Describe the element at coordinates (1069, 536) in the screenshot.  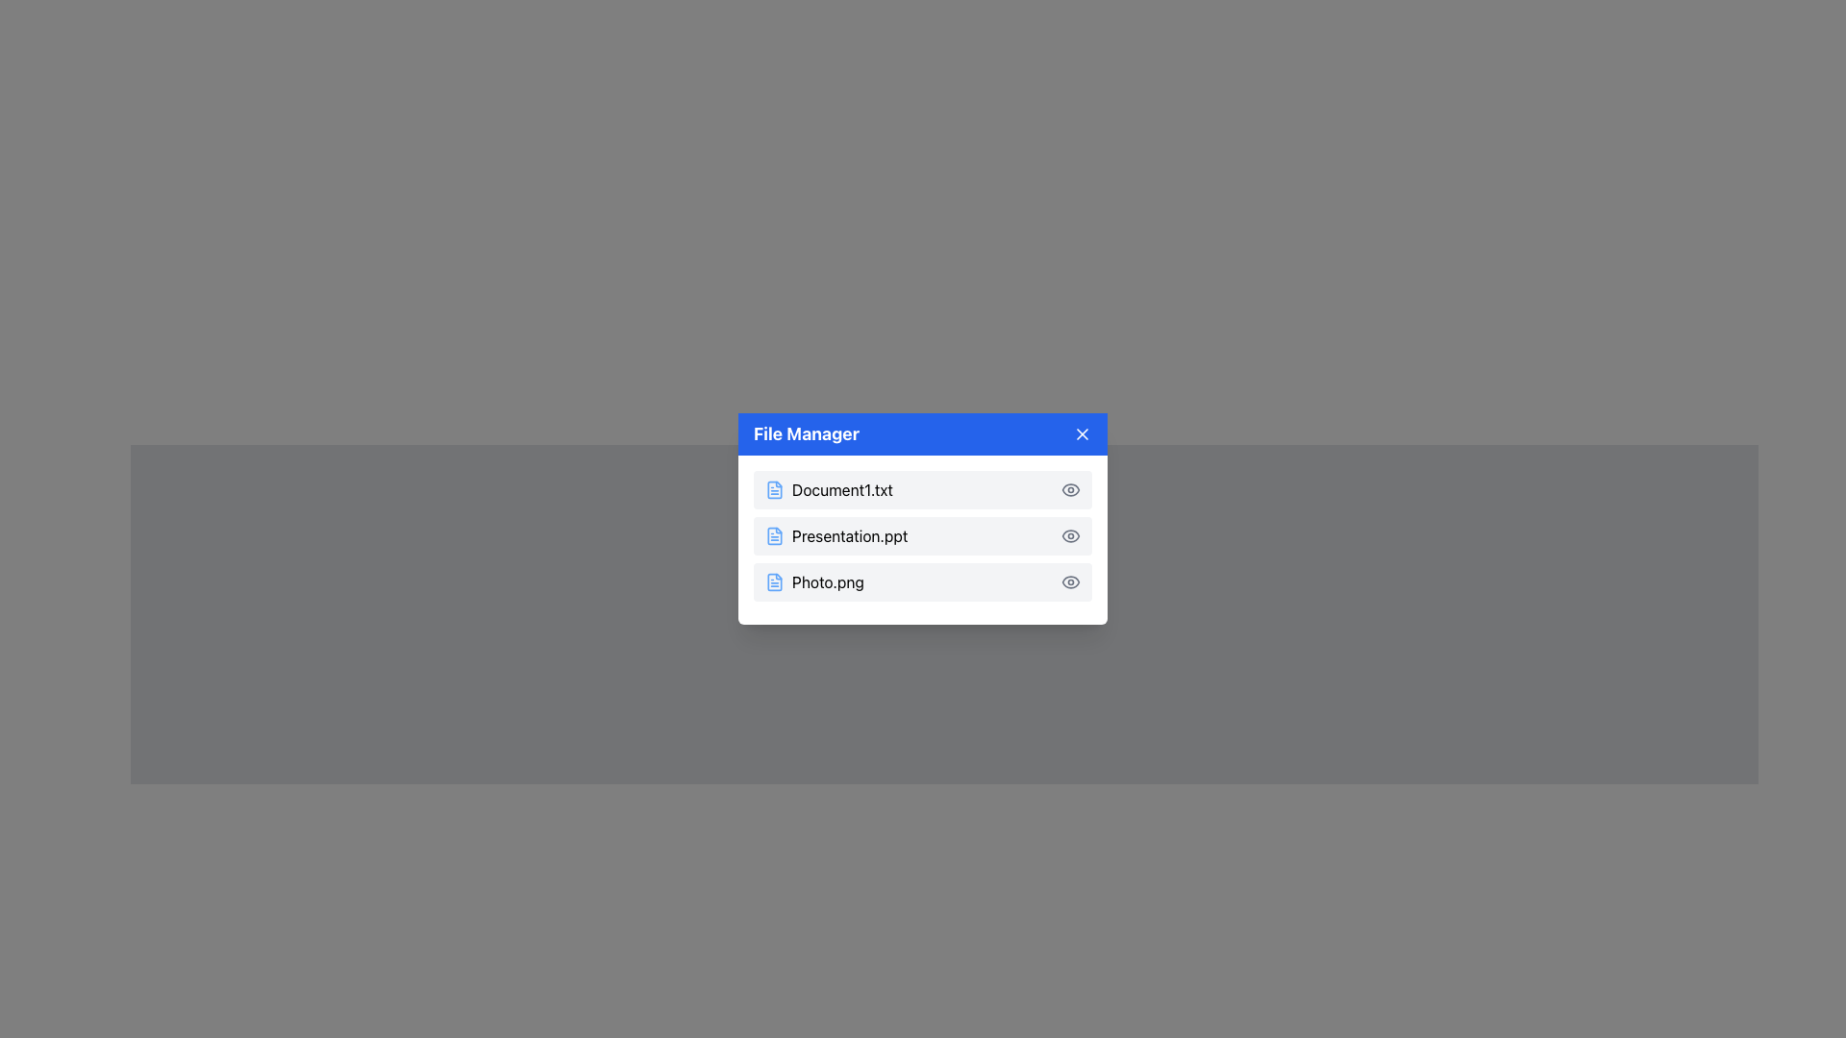
I see `the eye icon located on the far right of the 'Presentation.ppt' file entry` at that location.